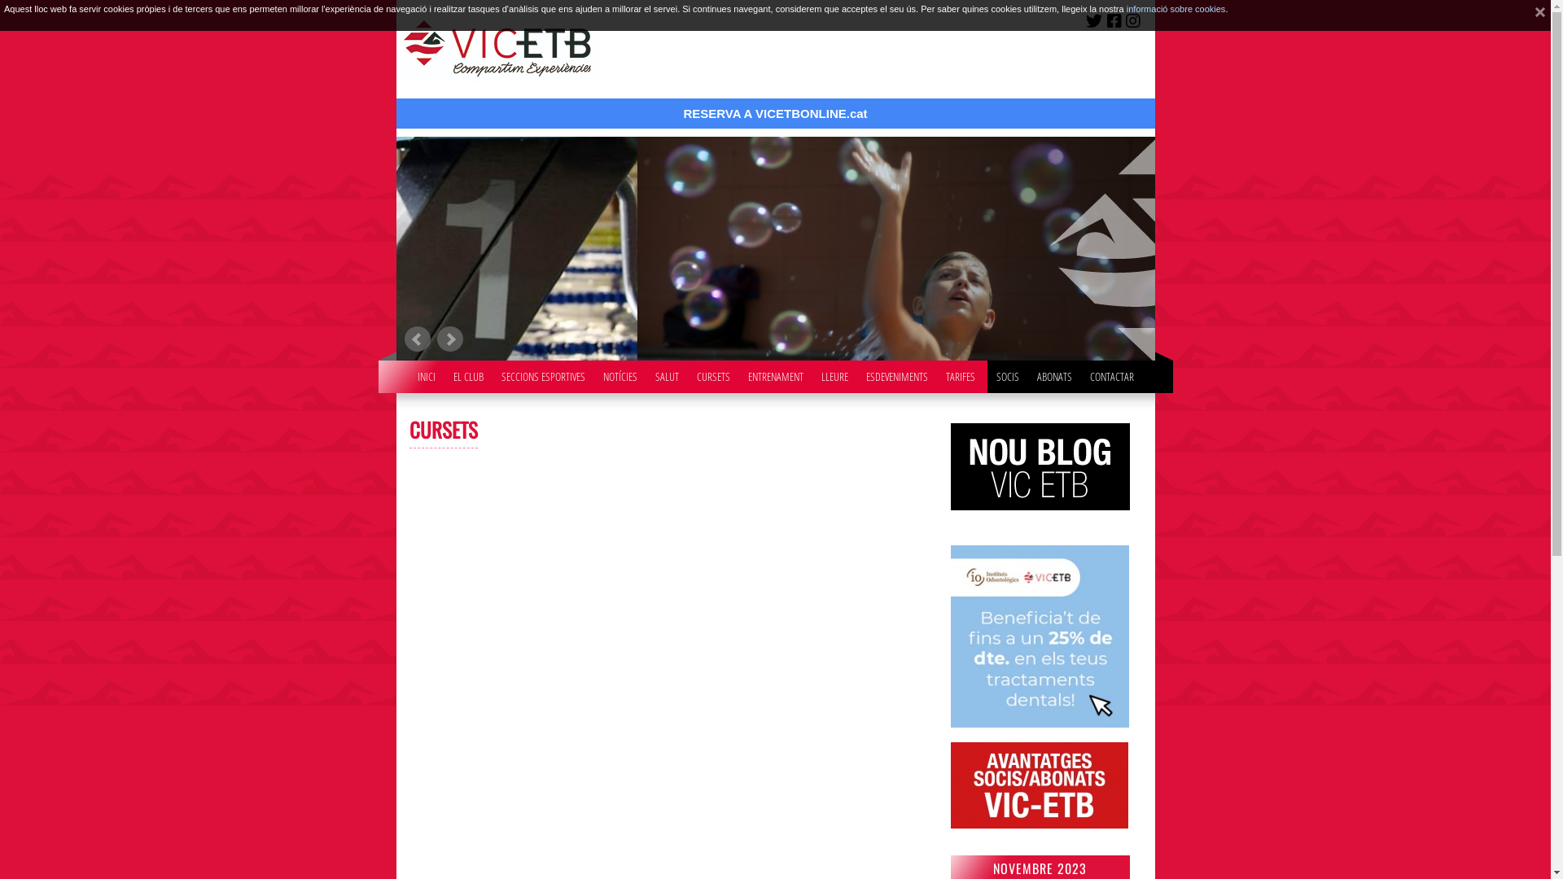  I want to click on 'tancar missatge', so click(1532, 15).